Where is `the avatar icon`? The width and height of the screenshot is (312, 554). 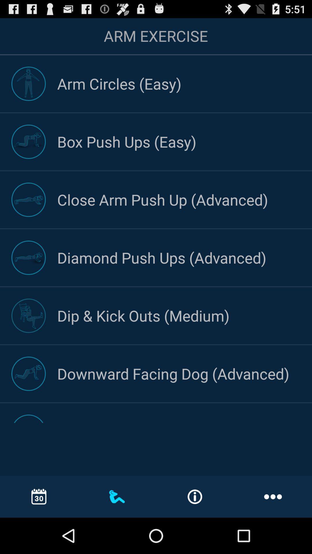 the avatar icon is located at coordinates (32, 399).